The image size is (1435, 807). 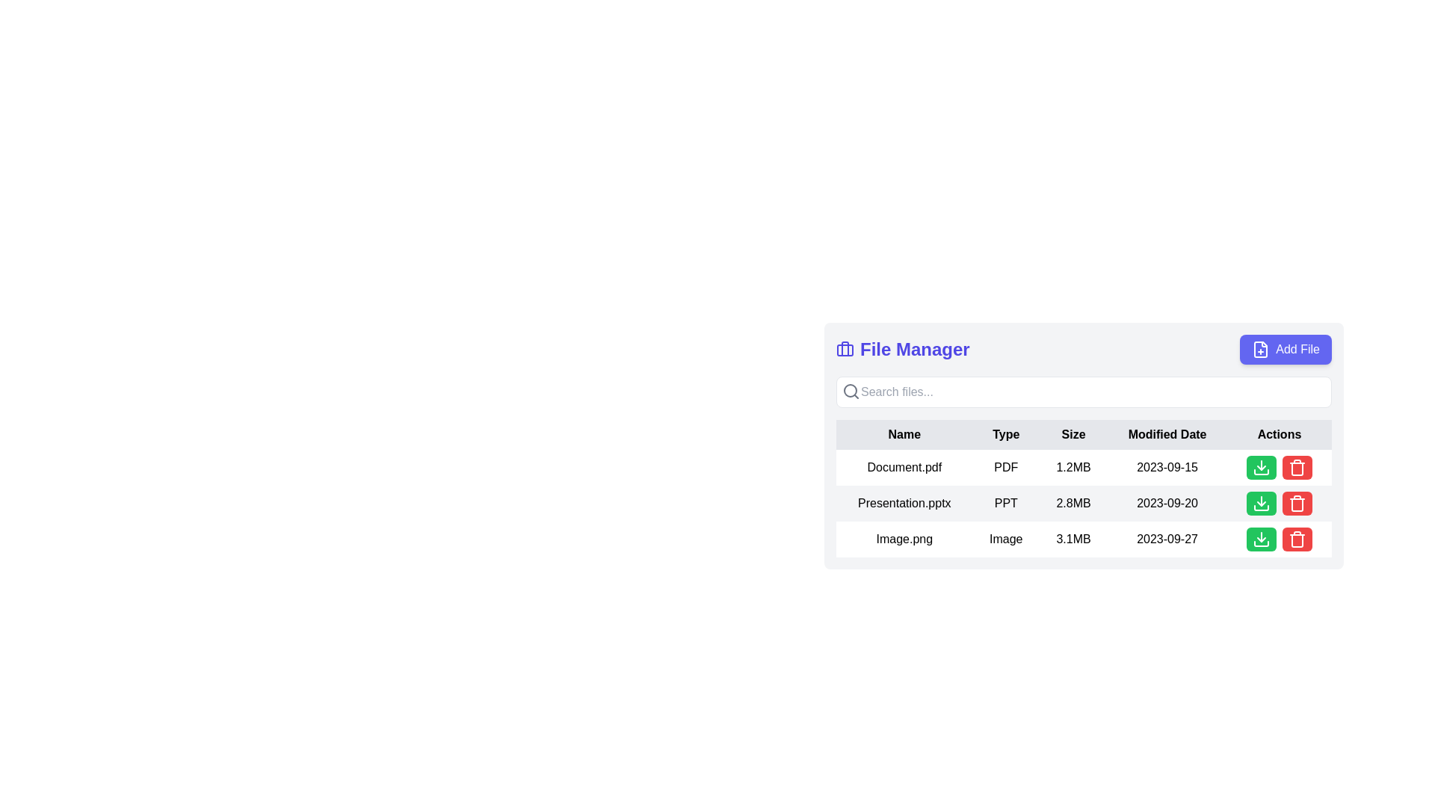 I want to click on text of the title label located at the top-left area of the file management section, which is positioned immediately to the left of the 'Add File' button, so click(x=902, y=349).